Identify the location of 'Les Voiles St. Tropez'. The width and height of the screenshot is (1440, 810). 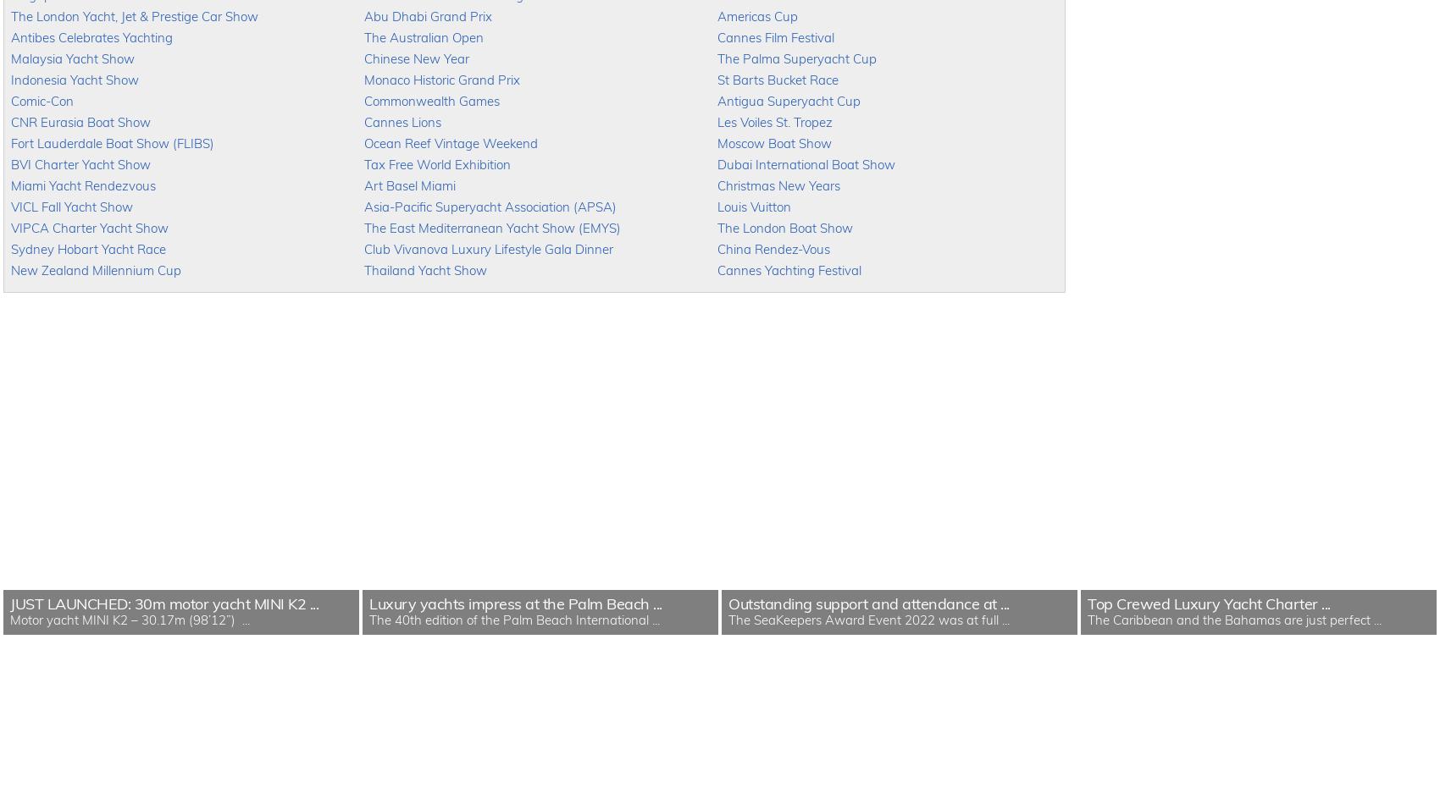
(716, 122).